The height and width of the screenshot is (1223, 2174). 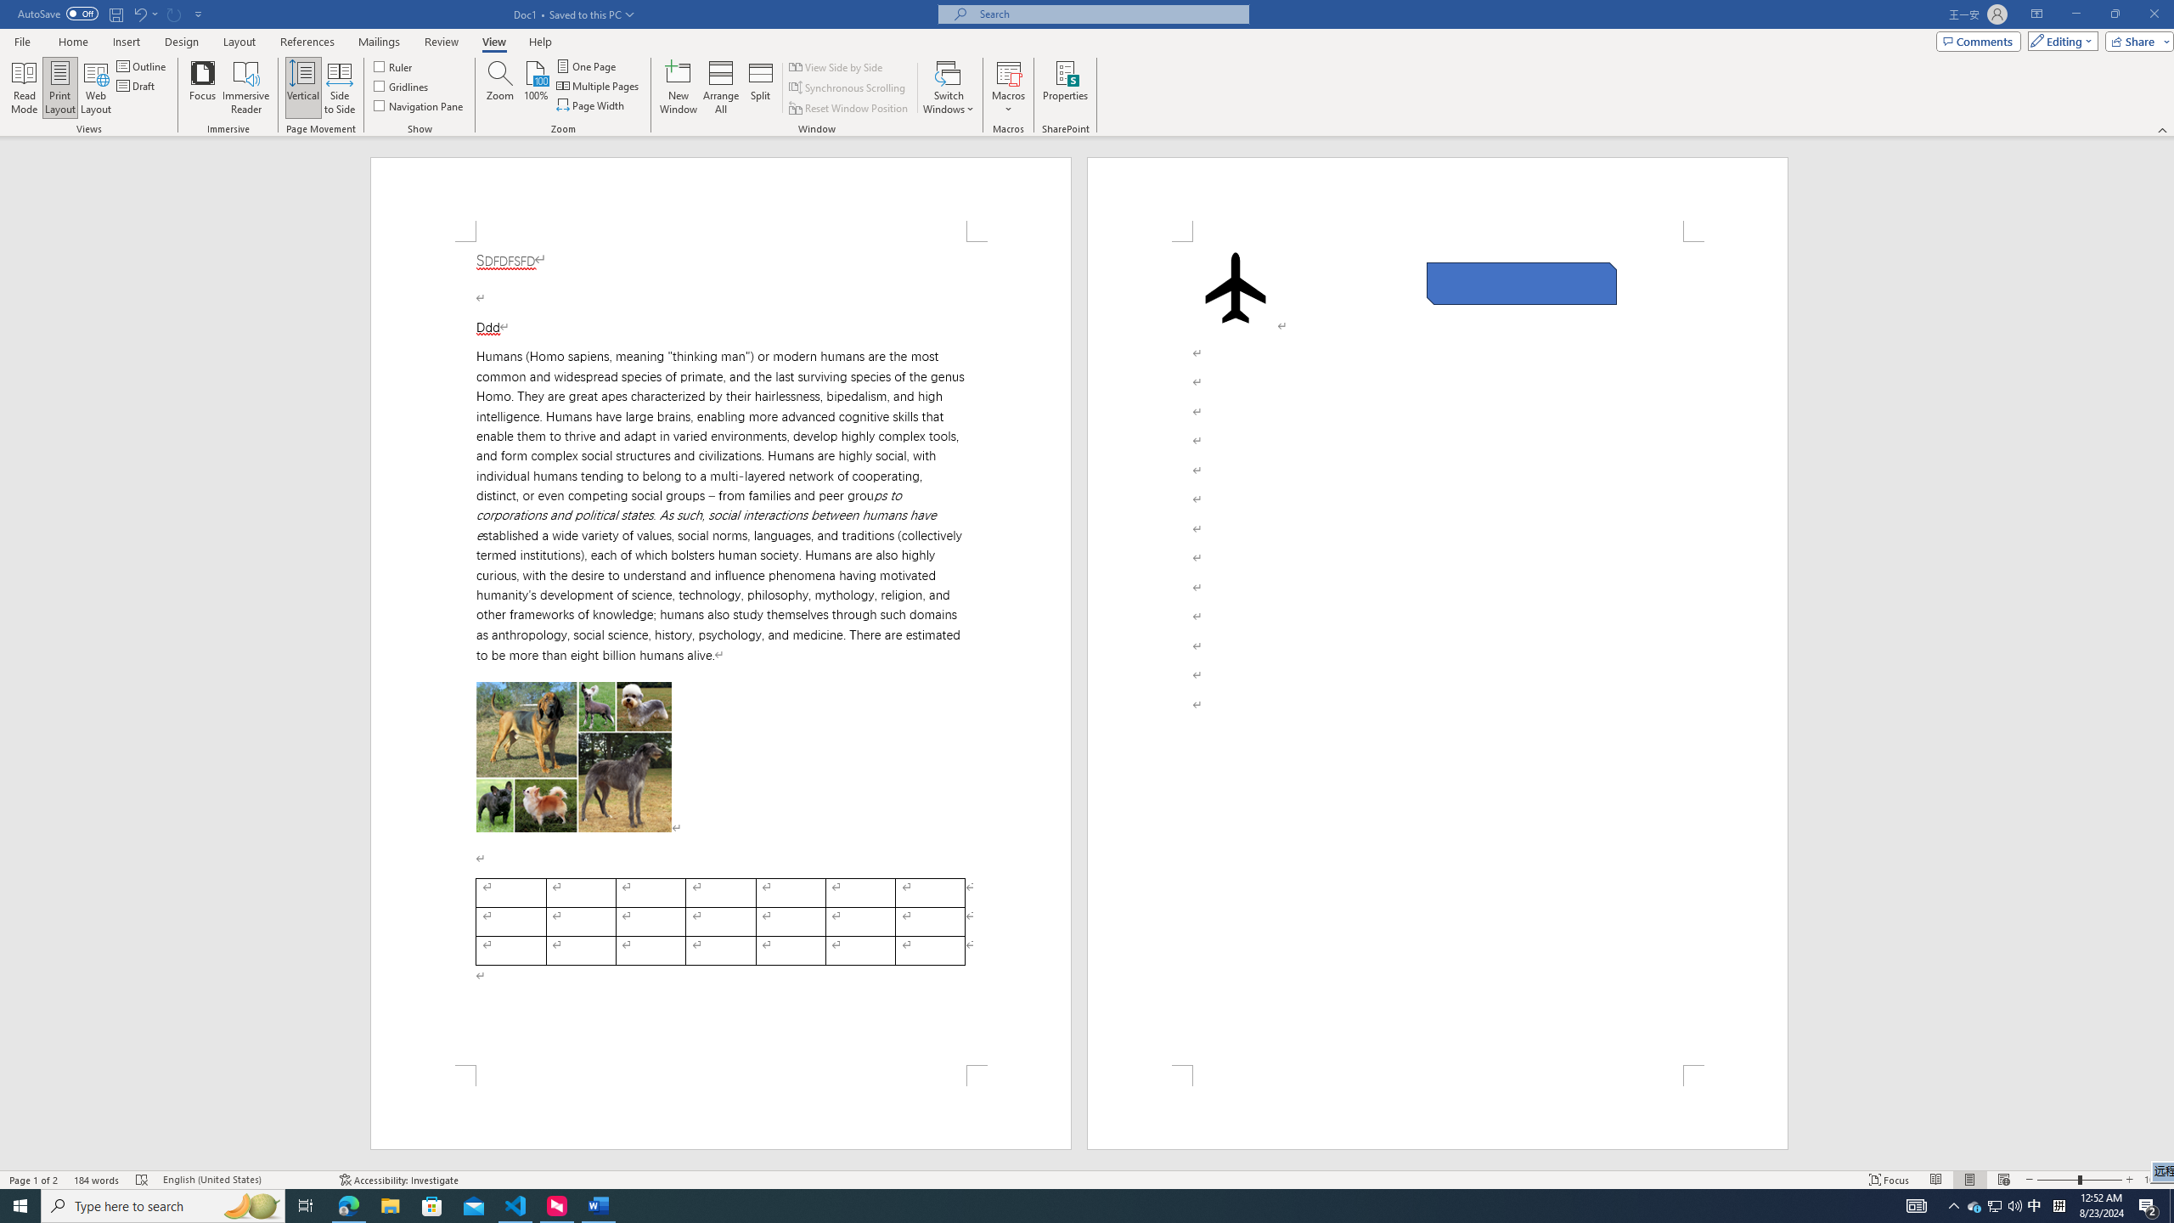 I want to click on 'More Options', so click(x=1007, y=102).